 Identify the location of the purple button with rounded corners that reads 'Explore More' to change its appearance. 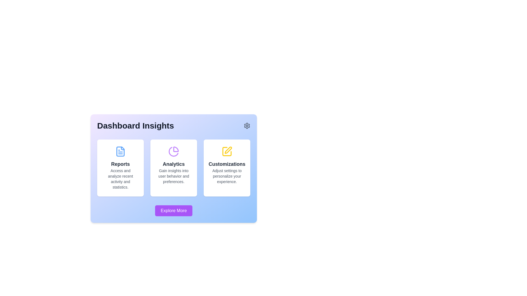
(173, 210).